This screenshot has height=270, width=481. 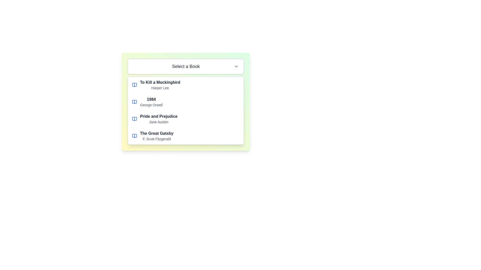 What do you see at coordinates (160, 87) in the screenshot?
I see `the static text label displaying the author's name 'Harper Lee', which is located below the book title 'To Kill a Mockingbird' in the dropdown list of books` at bounding box center [160, 87].